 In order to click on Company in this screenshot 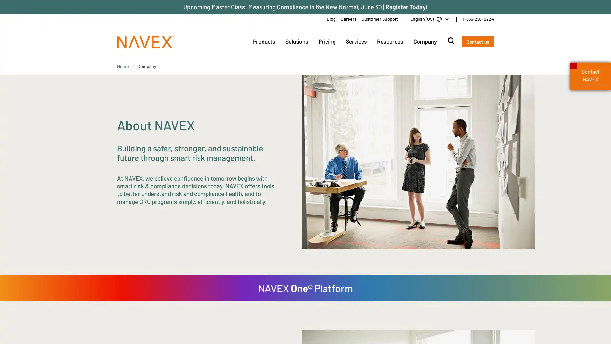, I will do `click(425, 41)`.